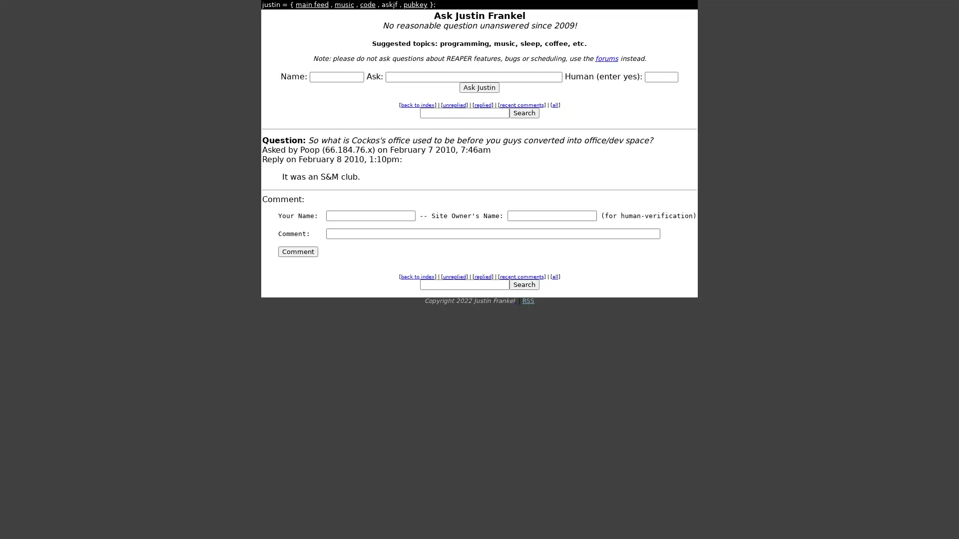 The image size is (959, 539). What do you see at coordinates (479, 87) in the screenshot?
I see `Ask Justin` at bounding box center [479, 87].